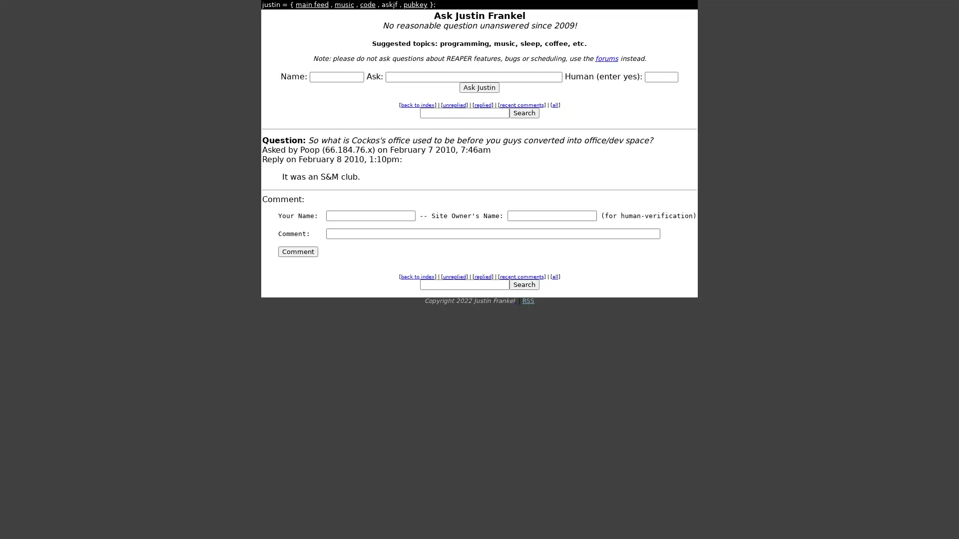 The image size is (959, 539). What do you see at coordinates (479, 87) in the screenshot?
I see `Ask Justin` at bounding box center [479, 87].